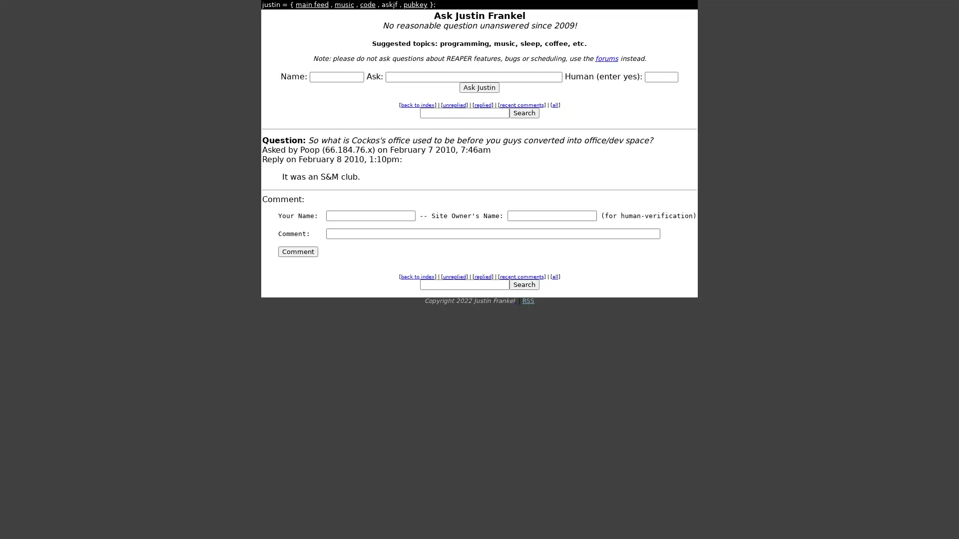 The image size is (959, 539). What do you see at coordinates (479, 87) in the screenshot?
I see `Ask Justin` at bounding box center [479, 87].